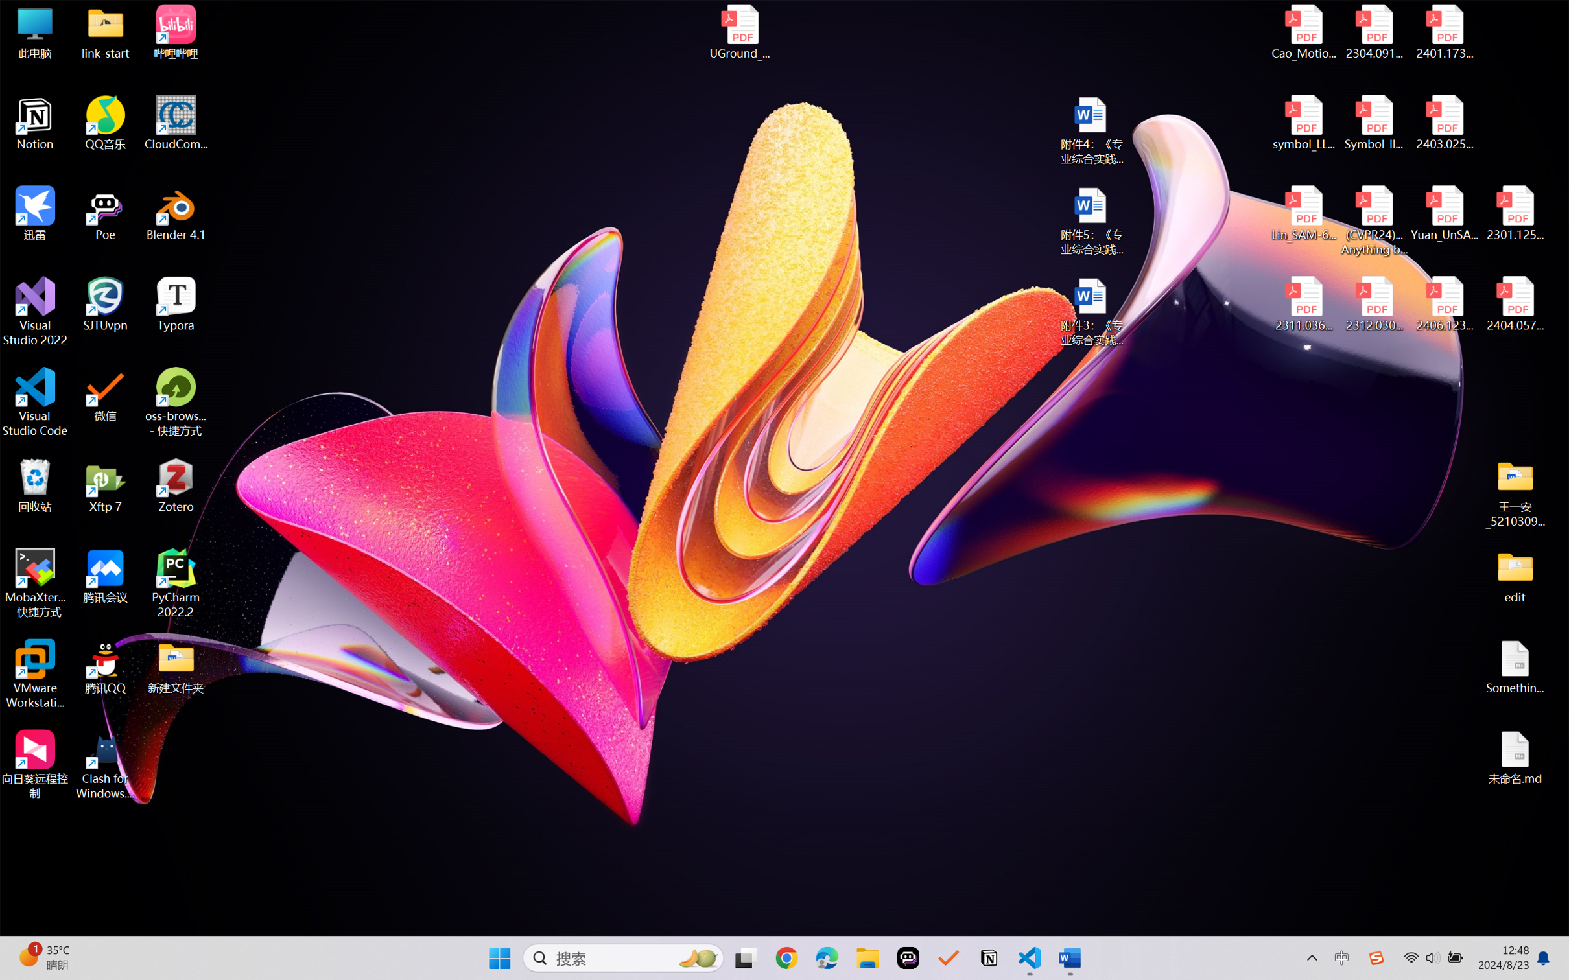 This screenshot has width=1569, height=980. Describe the element at coordinates (1304, 123) in the screenshot. I see `'symbol_LLM.pdf'` at that location.